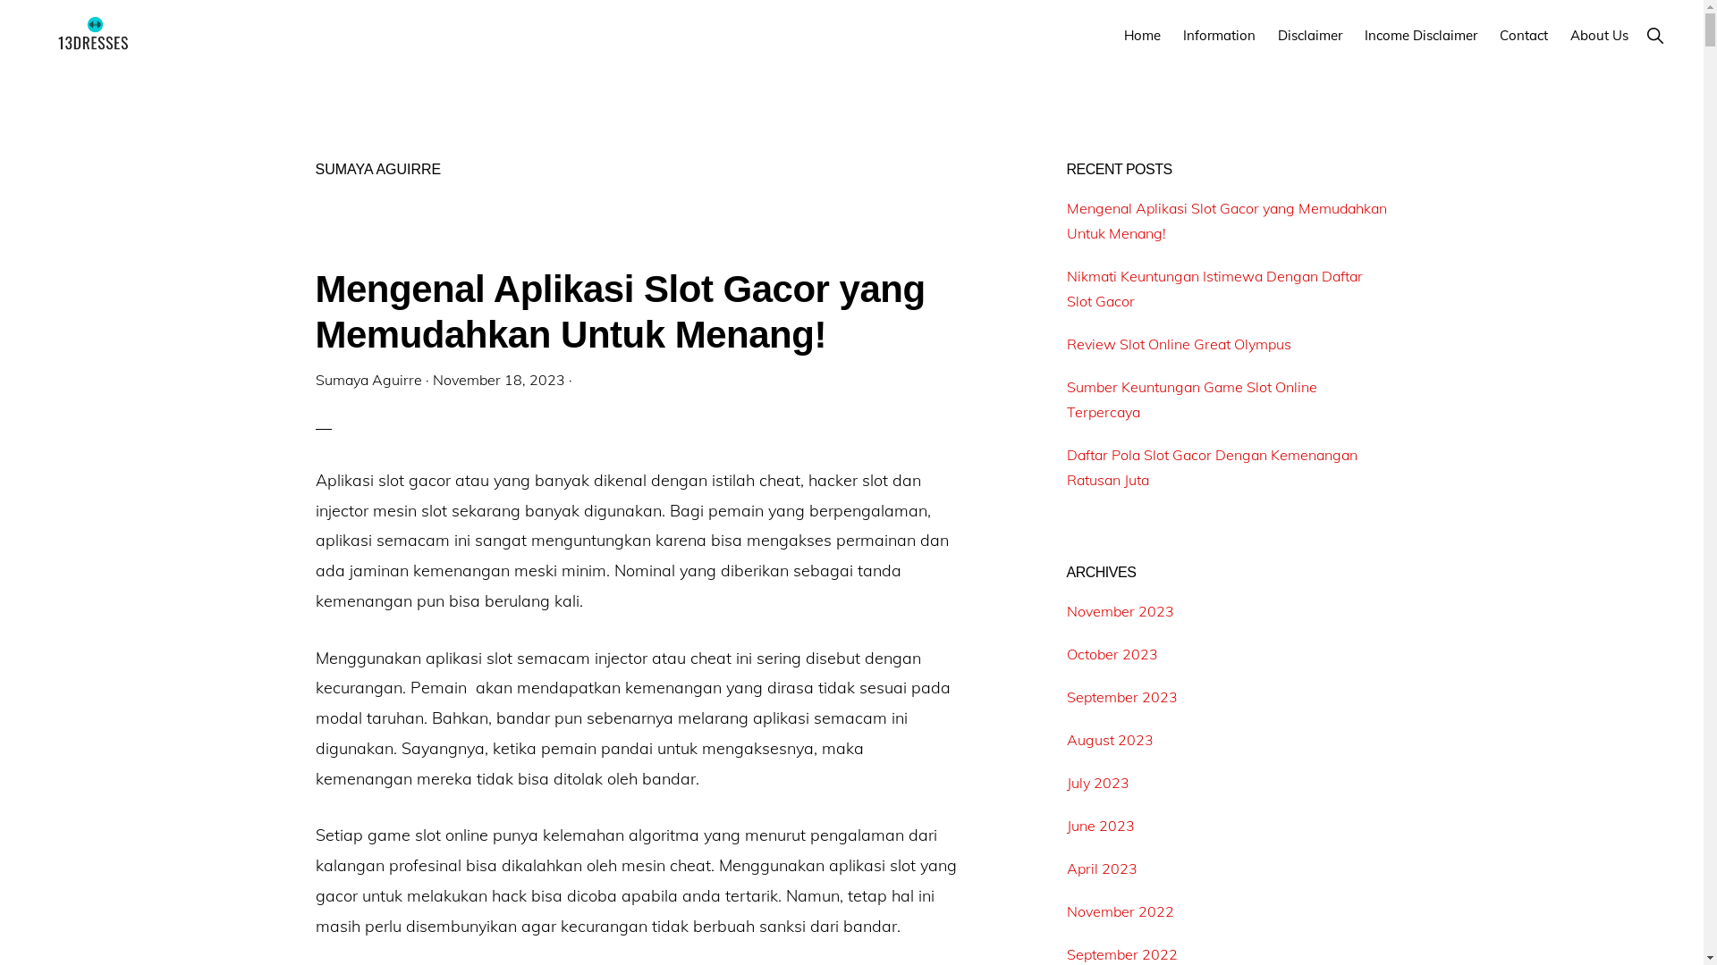  I want to click on 'Information', so click(1174, 35).